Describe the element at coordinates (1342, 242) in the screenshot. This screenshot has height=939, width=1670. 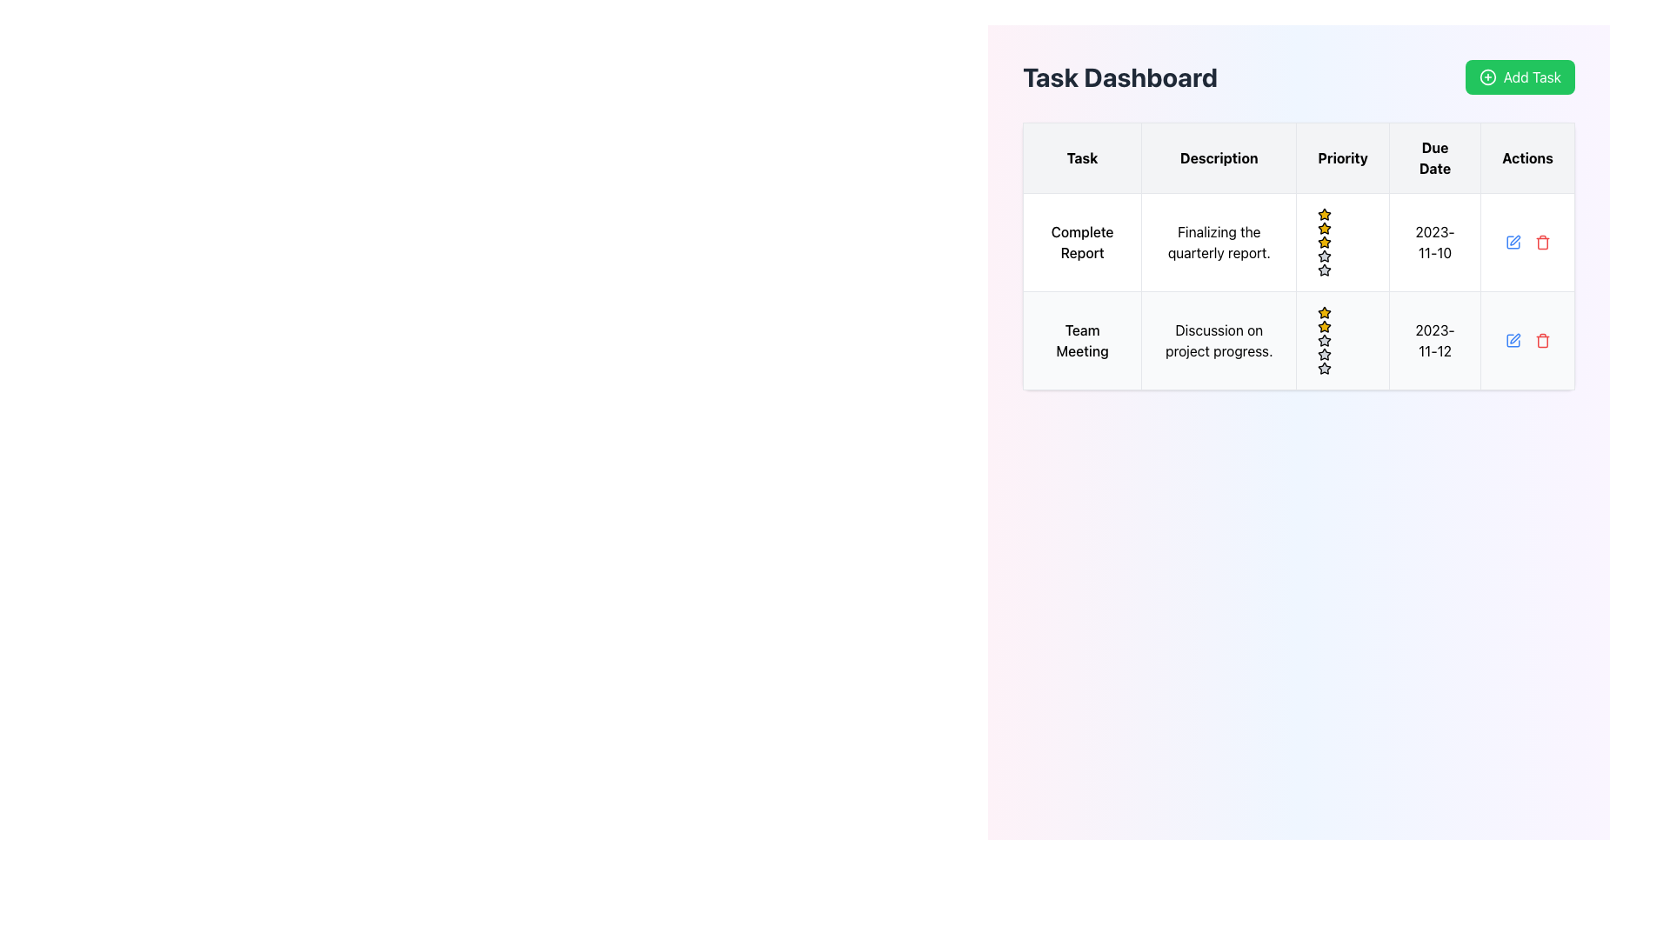
I see `the rating indicators (stars) in the third cell under the 'Priority' column of the 'Complete Report' row` at that location.